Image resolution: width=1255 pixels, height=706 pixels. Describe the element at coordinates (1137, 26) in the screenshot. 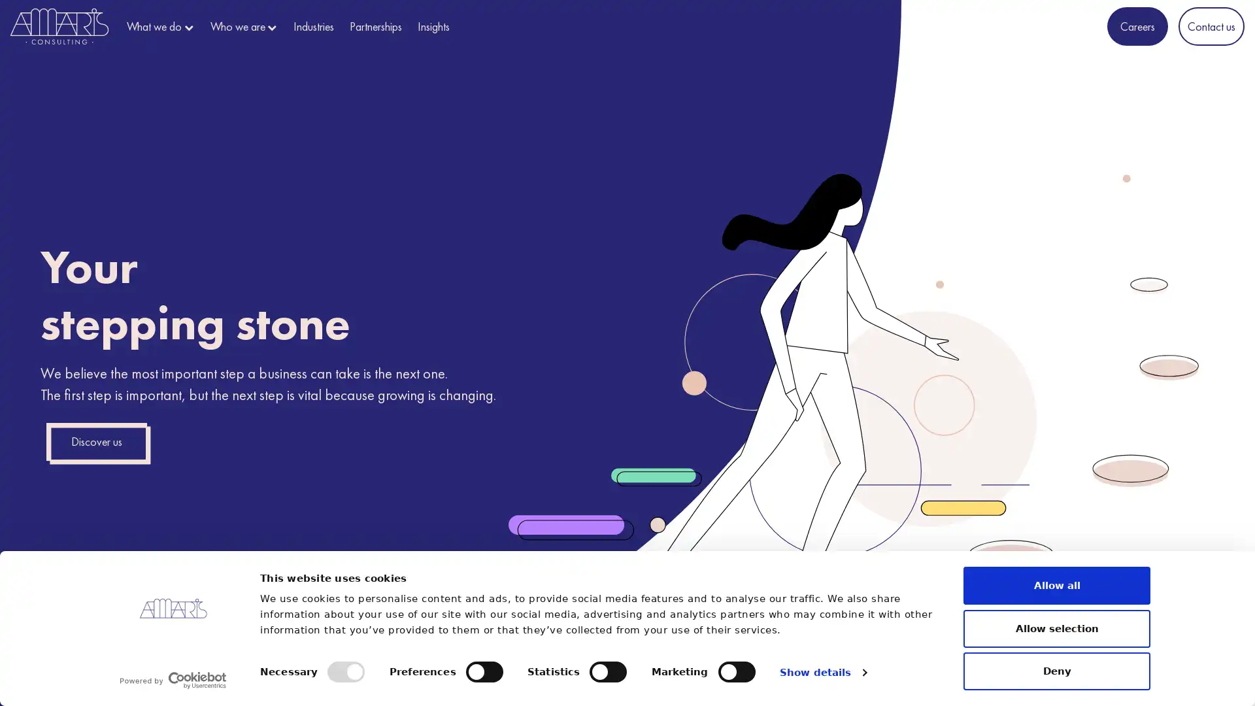

I see `Careers` at that location.